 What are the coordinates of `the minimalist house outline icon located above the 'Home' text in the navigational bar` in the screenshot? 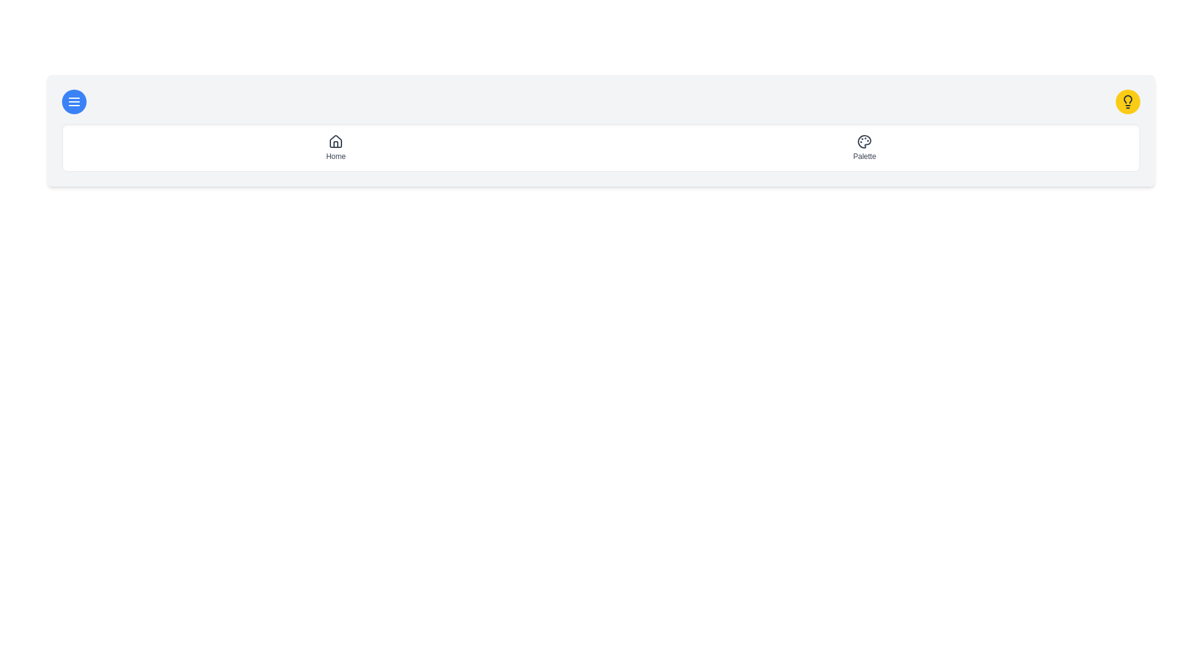 It's located at (336, 141).